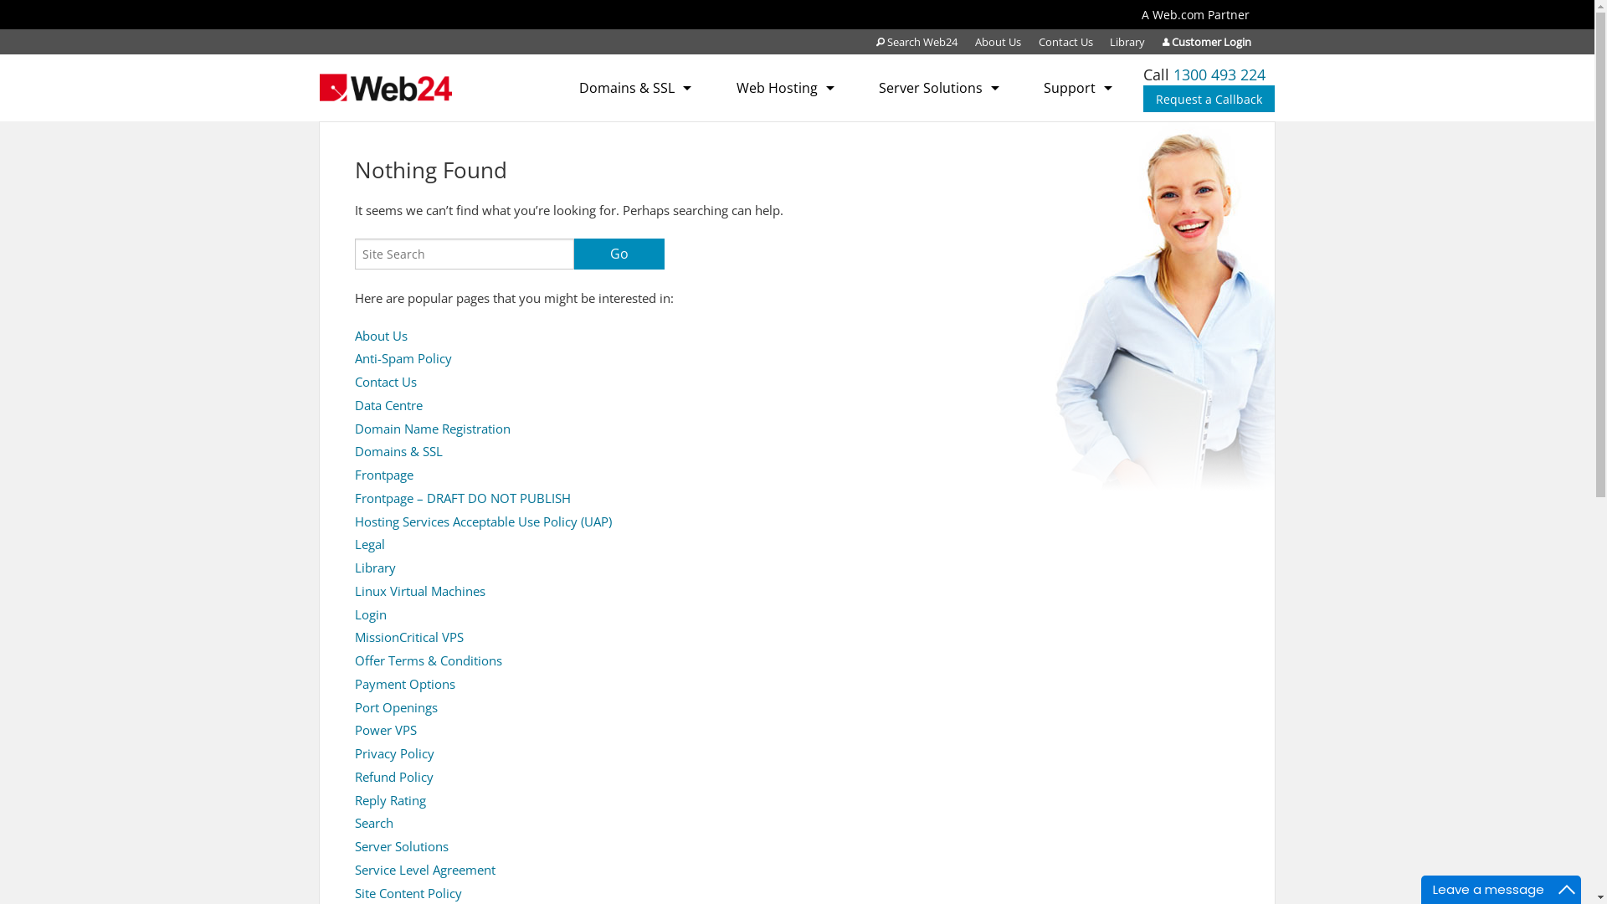 This screenshot has height=904, width=1607. What do you see at coordinates (353, 707) in the screenshot?
I see `'Port Openings'` at bounding box center [353, 707].